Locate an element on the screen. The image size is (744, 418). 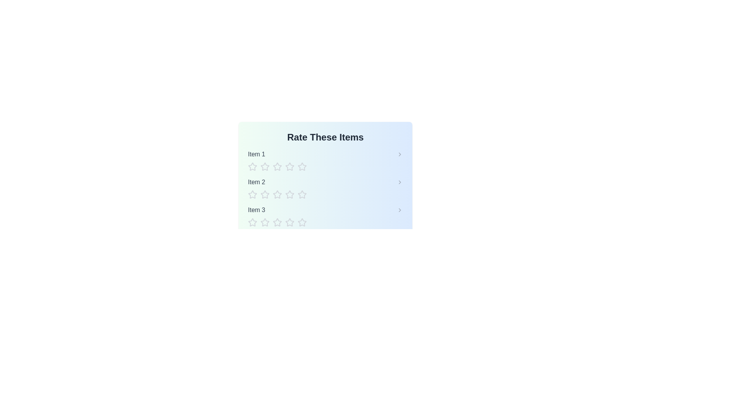
the star corresponding to the rating 5 for item Item 3 is located at coordinates (301, 222).